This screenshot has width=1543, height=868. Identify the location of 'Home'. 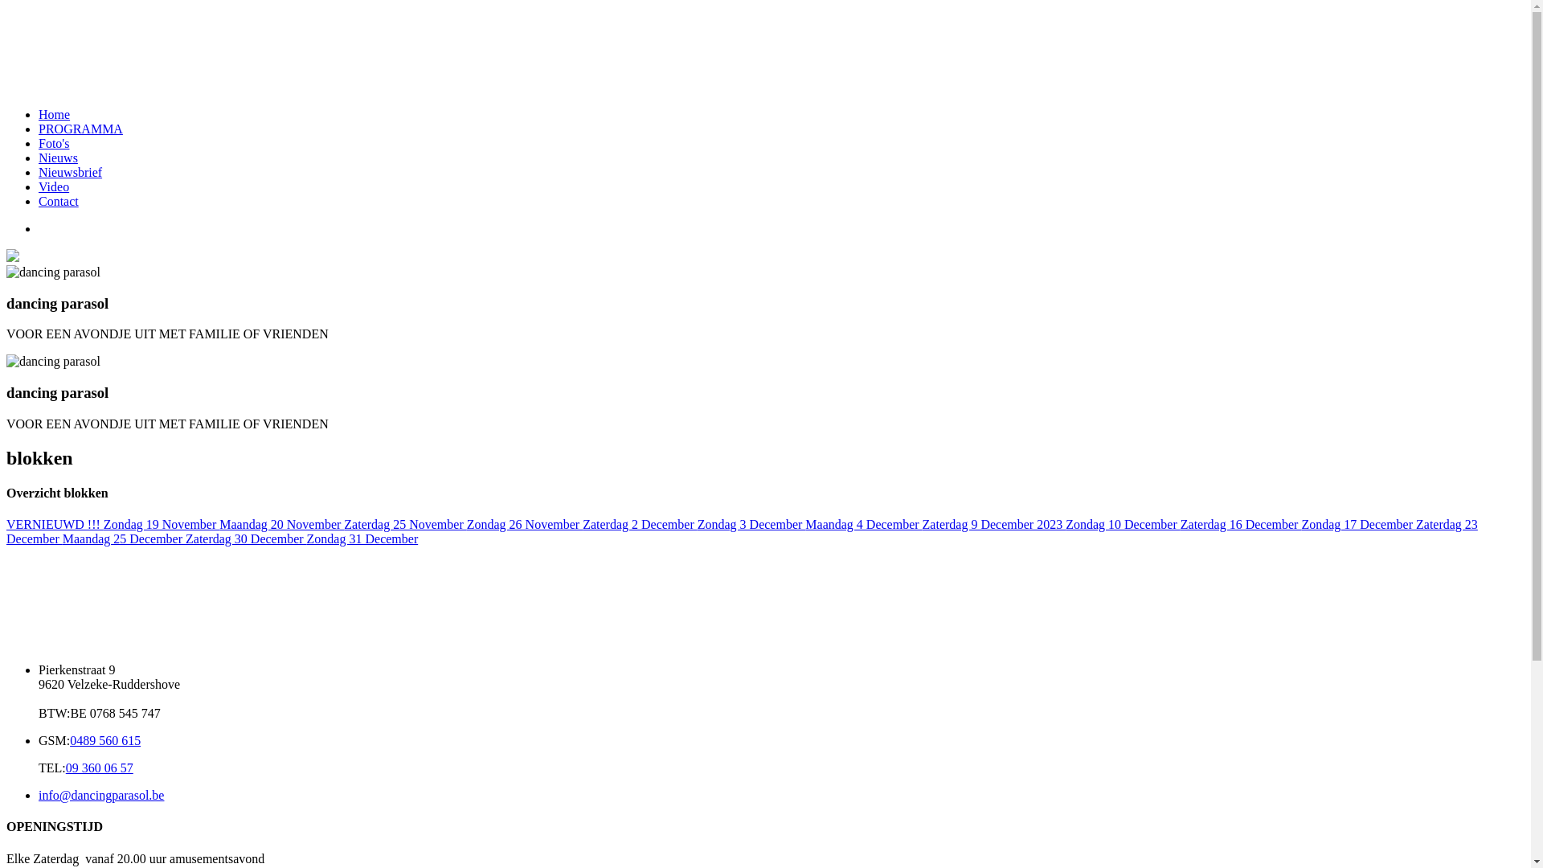
(39, 113).